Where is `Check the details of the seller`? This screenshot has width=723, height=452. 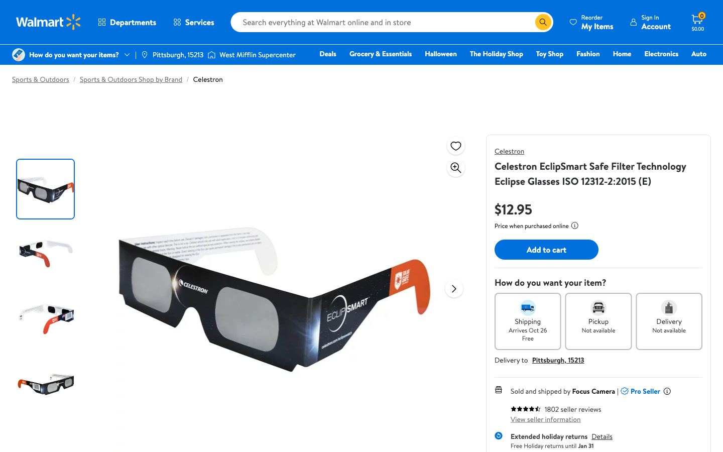 Check the details of the seller is located at coordinates (545, 419).